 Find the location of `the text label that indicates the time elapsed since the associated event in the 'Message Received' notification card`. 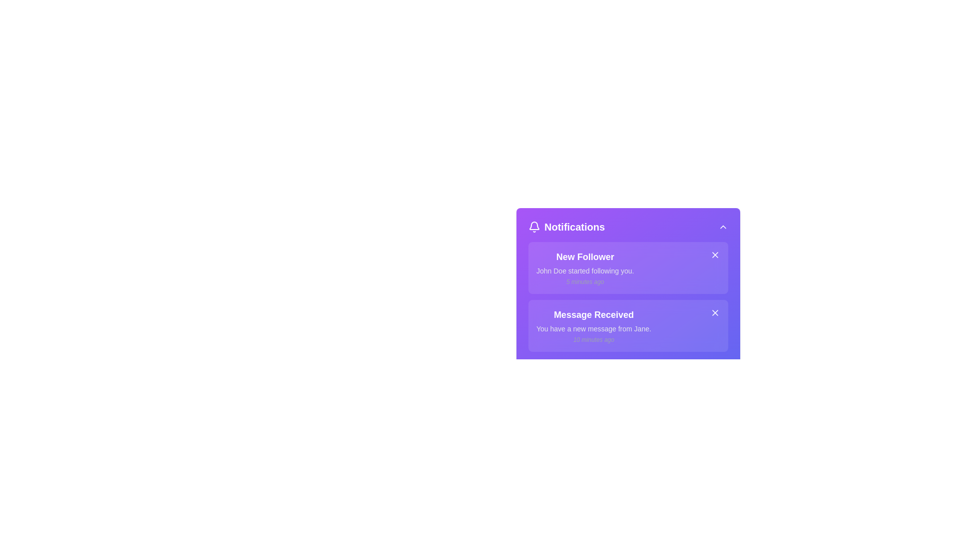

the text label that indicates the time elapsed since the associated event in the 'Message Received' notification card is located at coordinates (593, 339).